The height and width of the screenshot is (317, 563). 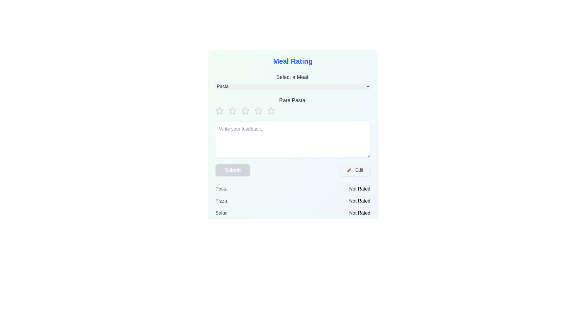 What do you see at coordinates (359, 201) in the screenshot?
I see `the label indicating that the meal item 'Pizza' has not been rated yet, located on the far right side of the row in the vertical list of meal names and ratings` at bounding box center [359, 201].